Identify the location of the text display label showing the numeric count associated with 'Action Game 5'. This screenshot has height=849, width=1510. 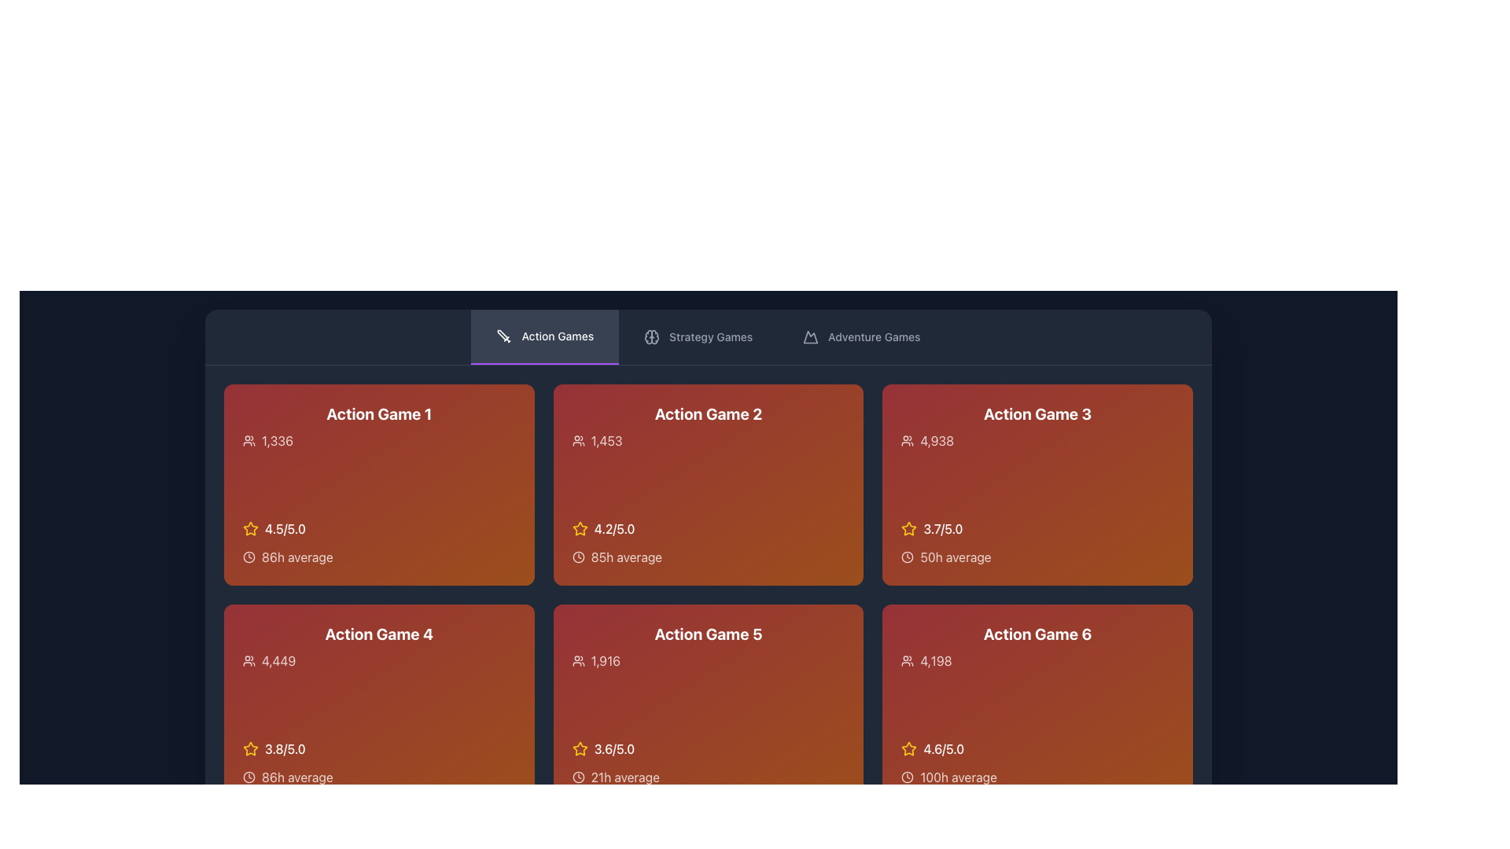
(708, 660).